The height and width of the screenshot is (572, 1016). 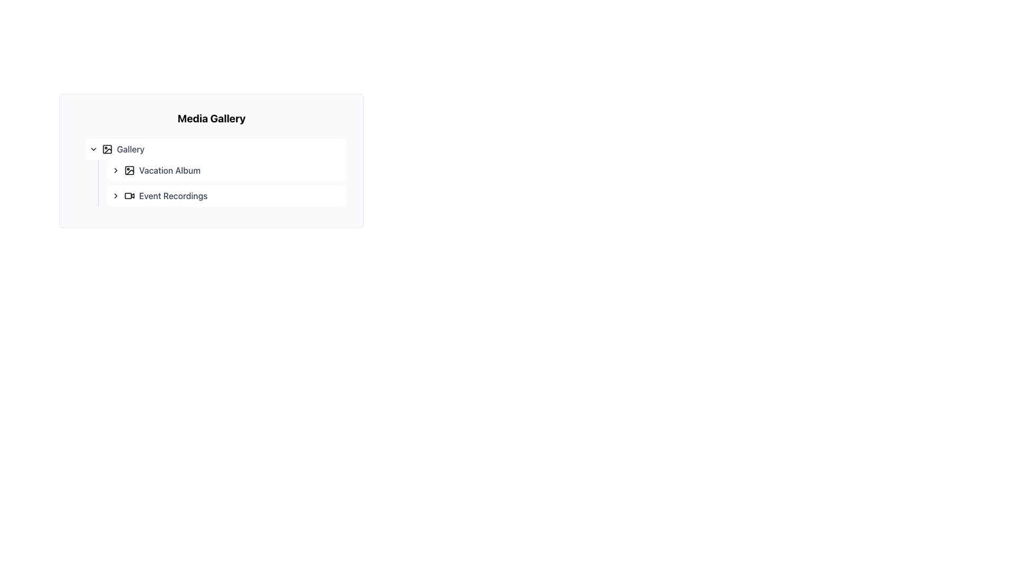 I want to click on the third Text Label element representing an album or folder in the Media Gallery, located adjacent to a small image icon, so click(x=170, y=169).